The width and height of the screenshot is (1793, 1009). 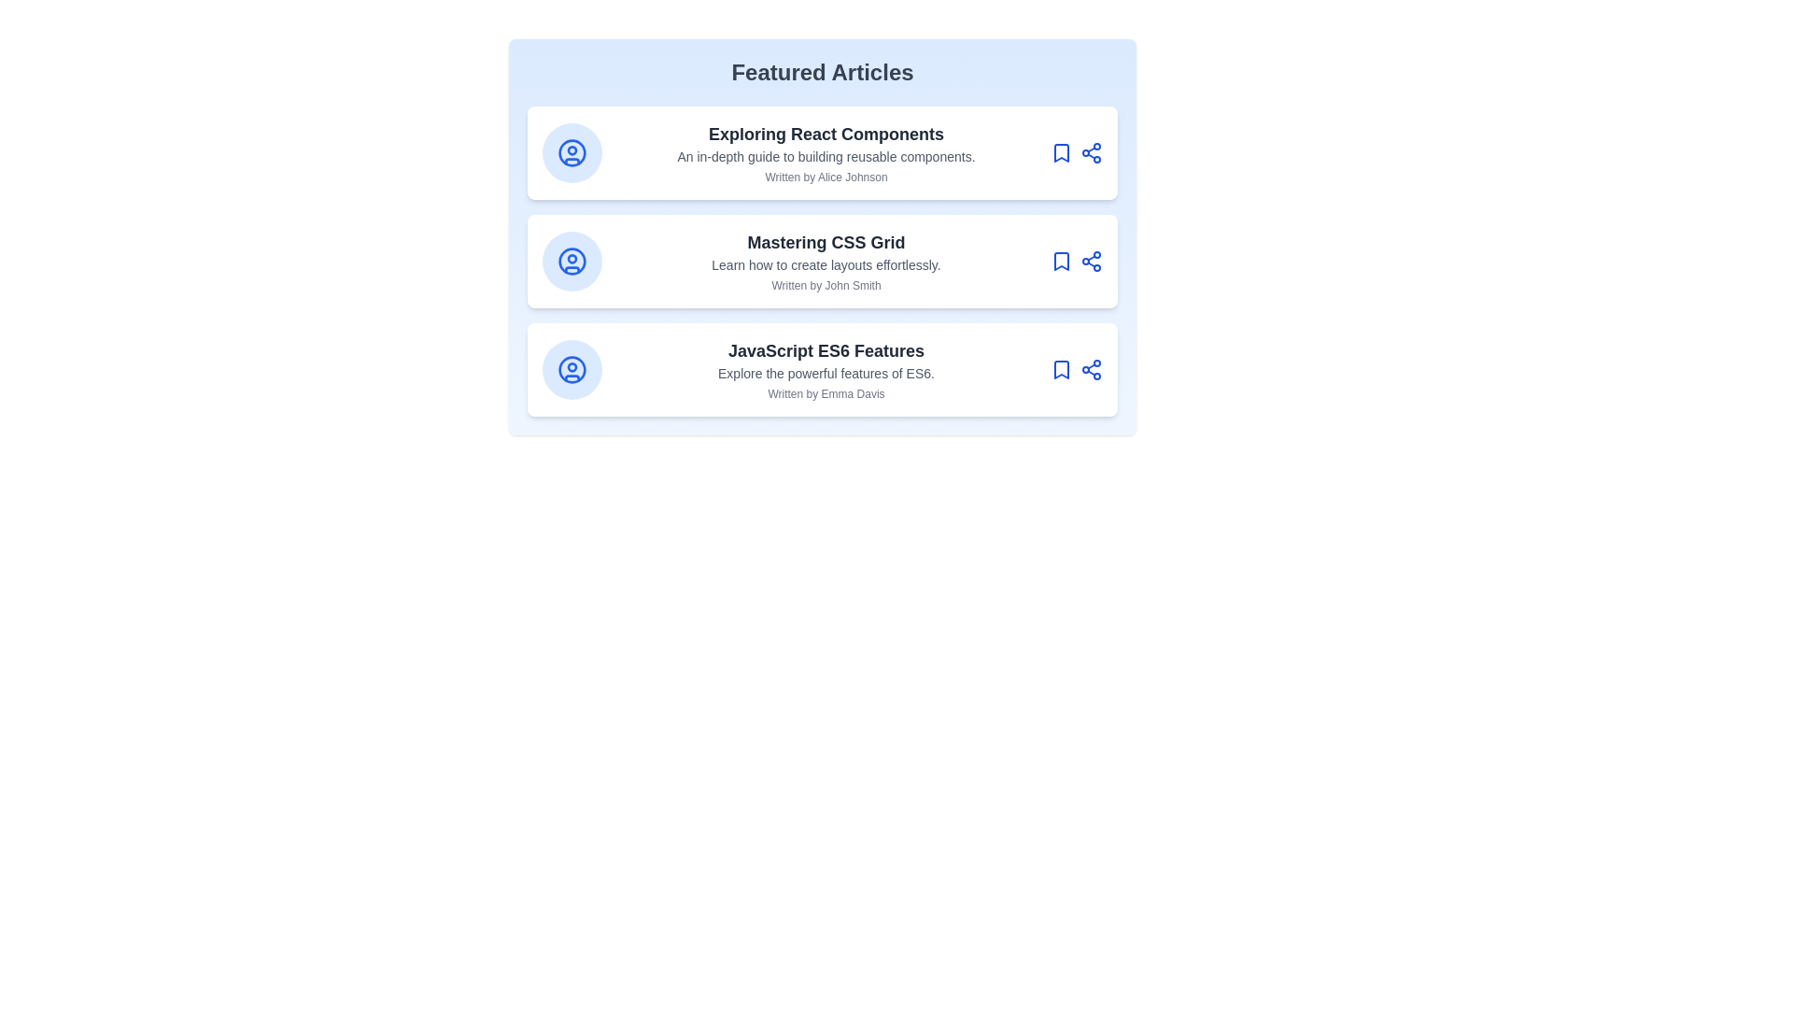 What do you see at coordinates (572, 370) in the screenshot?
I see `user icon on the article card corresponding to JavaScript ES6 Features` at bounding box center [572, 370].